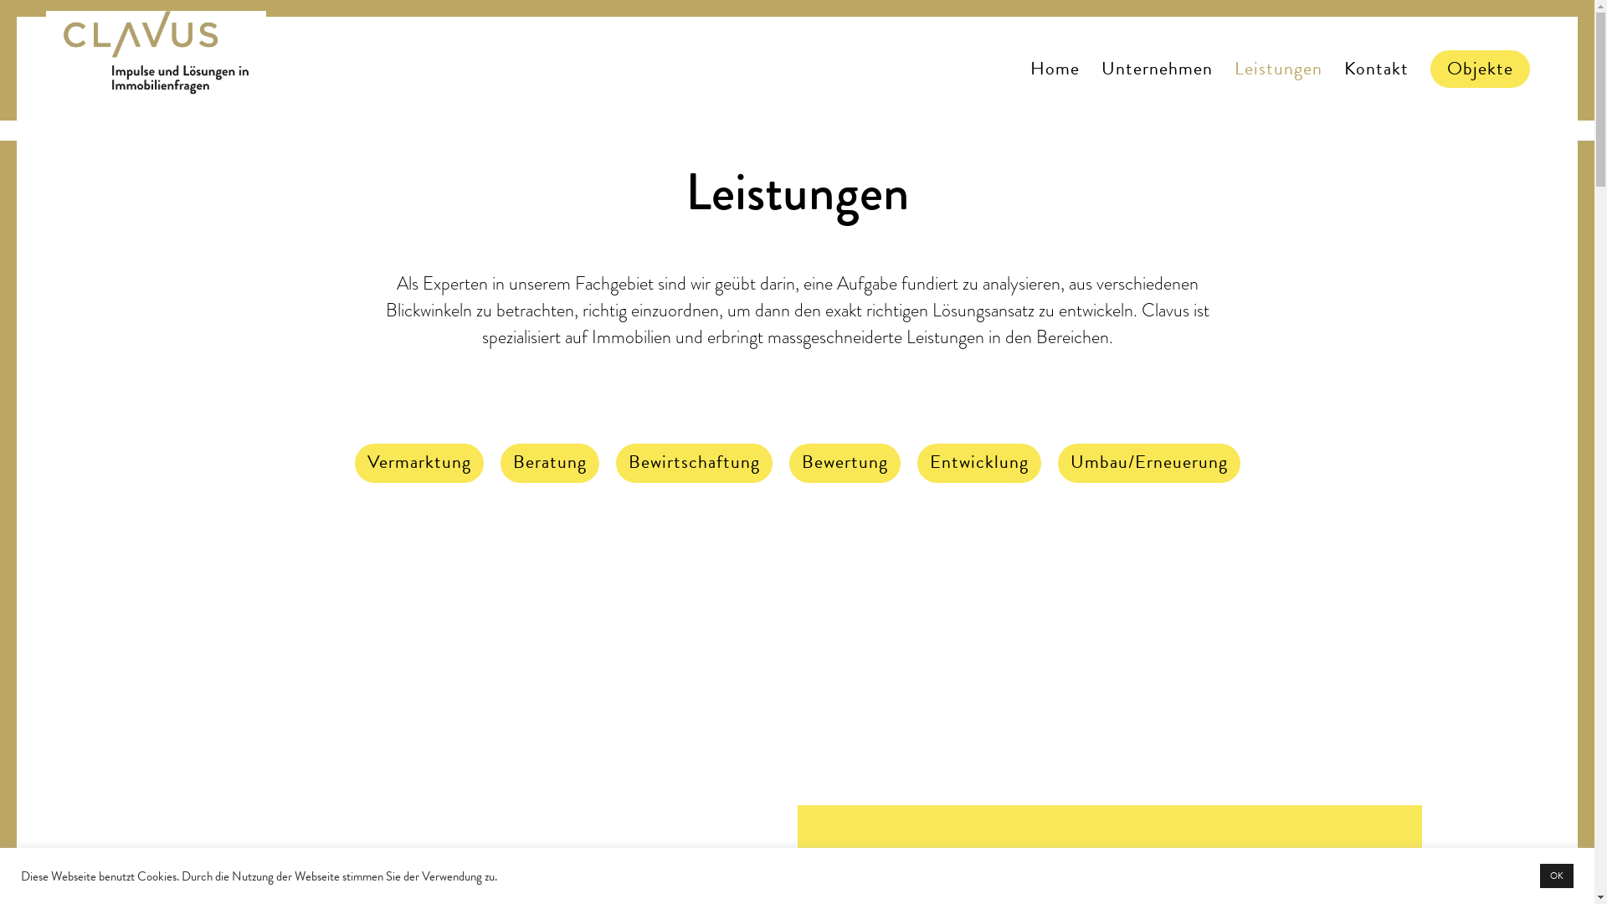  Describe the element at coordinates (978, 465) in the screenshot. I see `'Entwicklung'` at that location.